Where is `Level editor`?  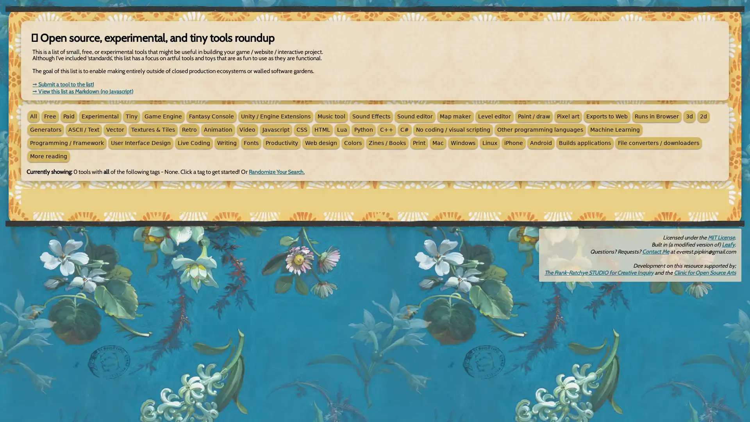
Level editor is located at coordinates (494, 116).